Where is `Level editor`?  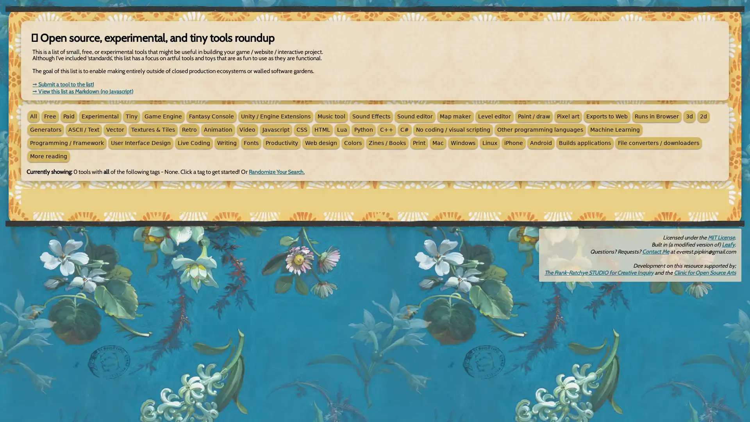
Level editor is located at coordinates (494, 116).